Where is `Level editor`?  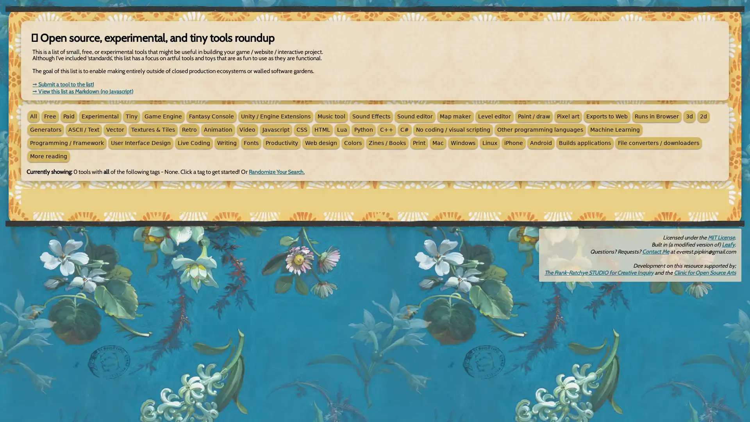
Level editor is located at coordinates (494, 116).